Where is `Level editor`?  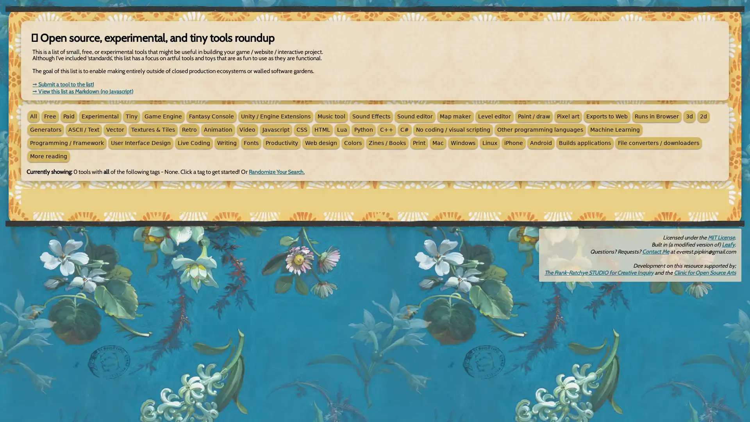
Level editor is located at coordinates (494, 116).